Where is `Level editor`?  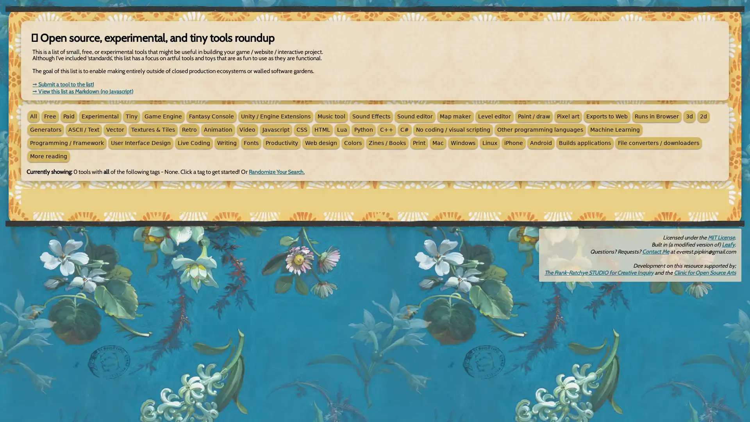
Level editor is located at coordinates (494, 116).